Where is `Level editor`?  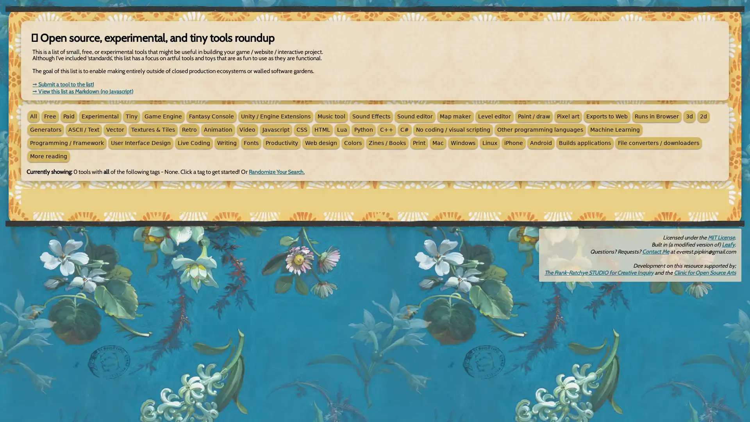
Level editor is located at coordinates (494, 116).